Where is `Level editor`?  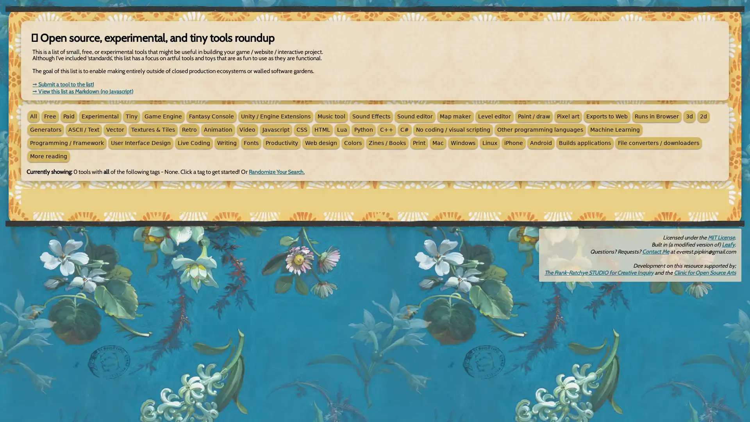
Level editor is located at coordinates (494, 116).